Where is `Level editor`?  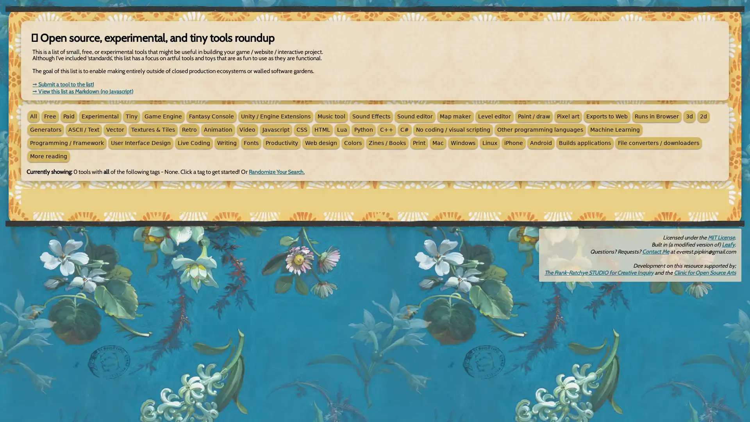
Level editor is located at coordinates (494, 116).